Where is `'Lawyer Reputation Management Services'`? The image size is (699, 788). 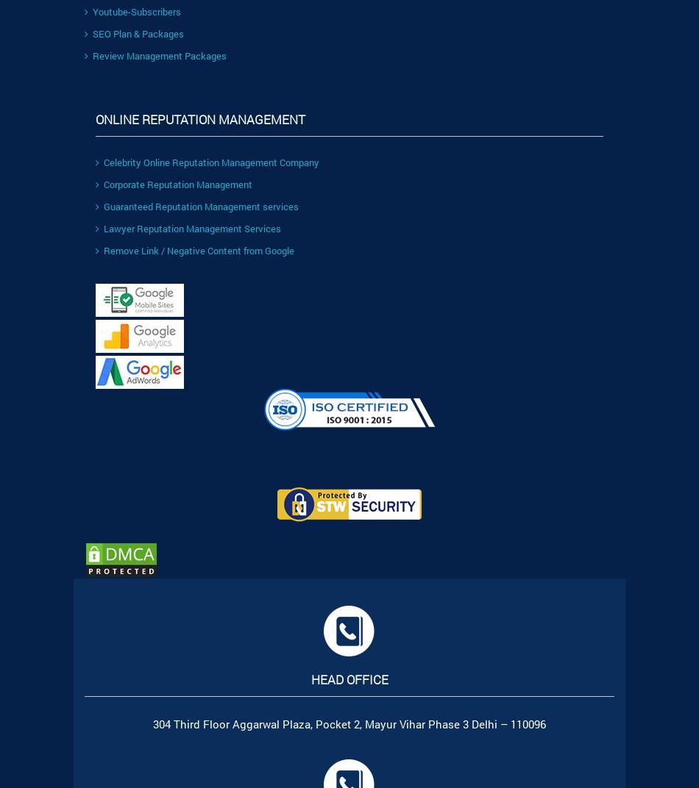
'Lawyer Reputation Management Services' is located at coordinates (191, 227).